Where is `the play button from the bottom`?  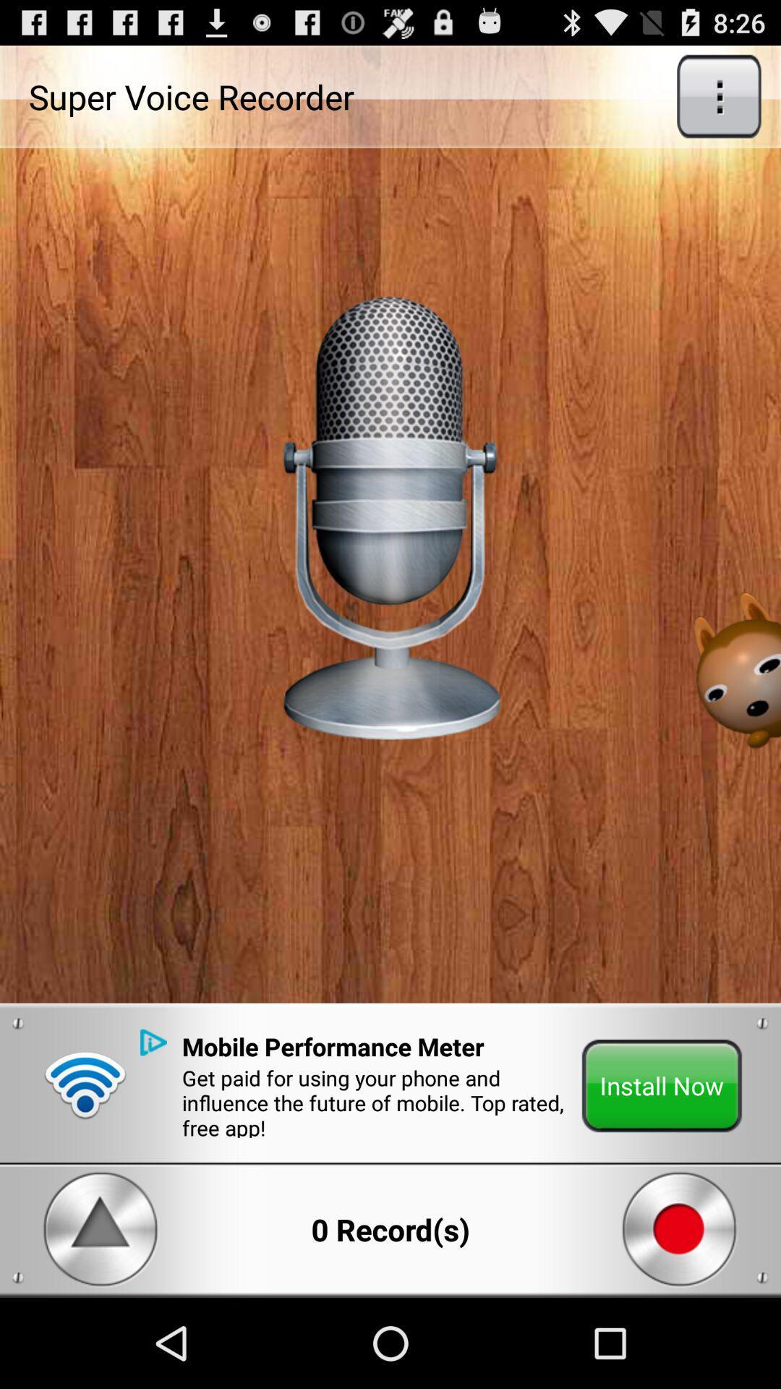 the play button from the bottom is located at coordinates (100, 1228).